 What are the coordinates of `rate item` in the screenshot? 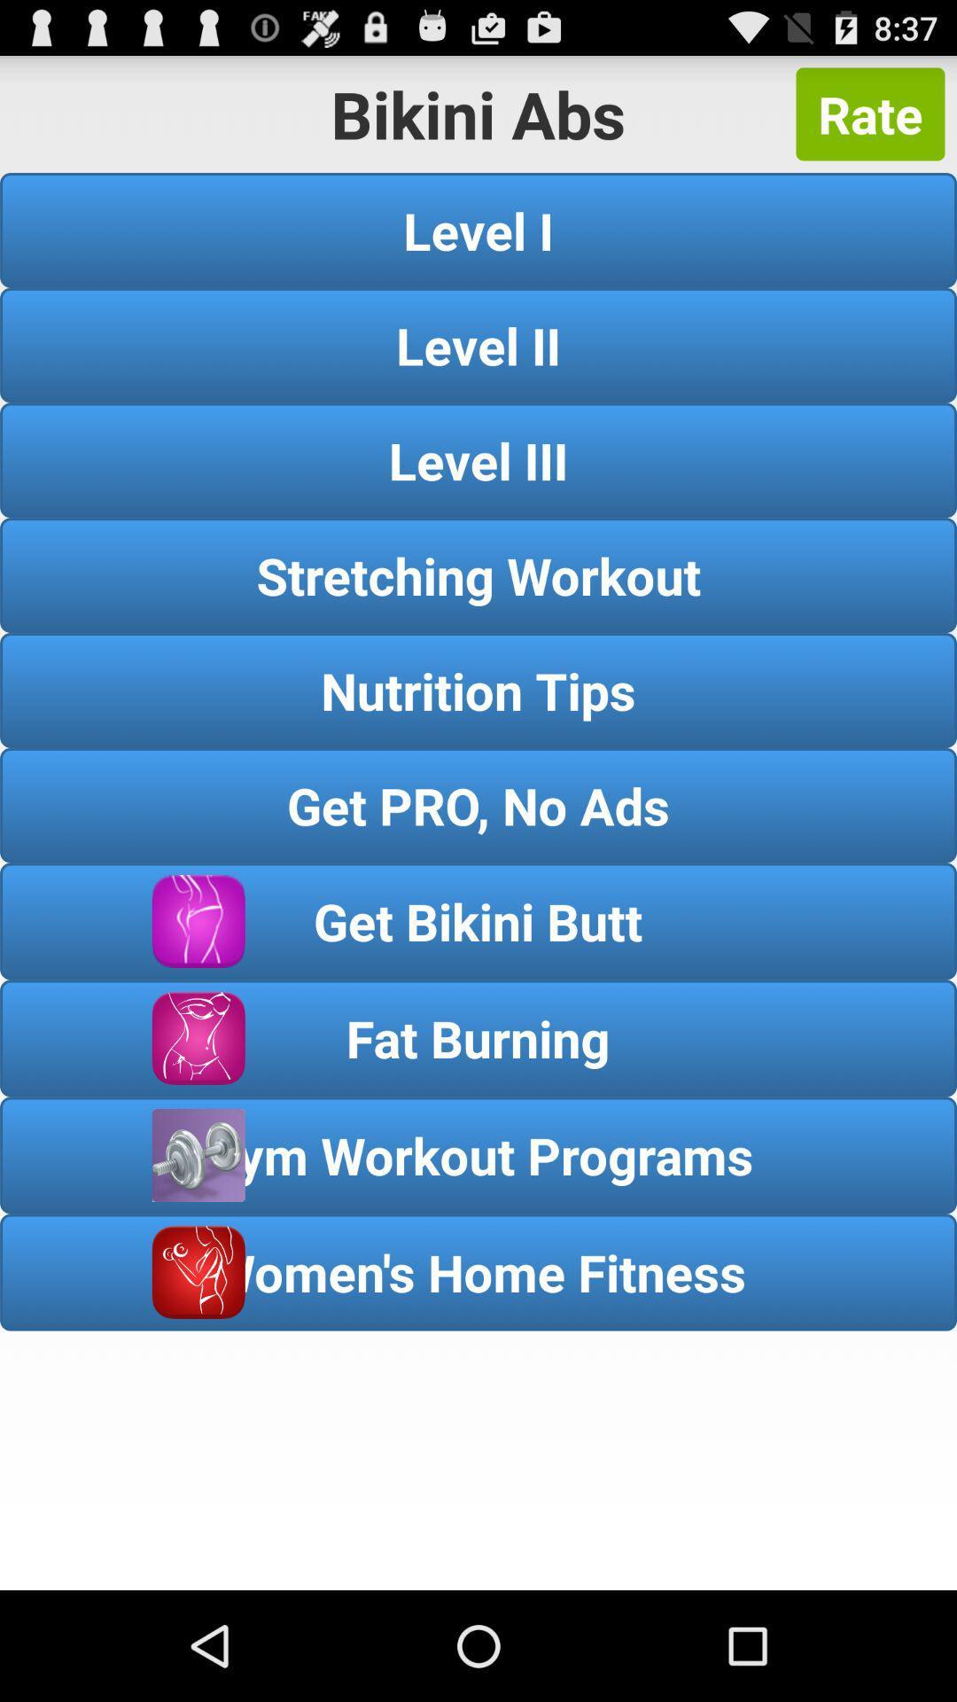 It's located at (869, 113).